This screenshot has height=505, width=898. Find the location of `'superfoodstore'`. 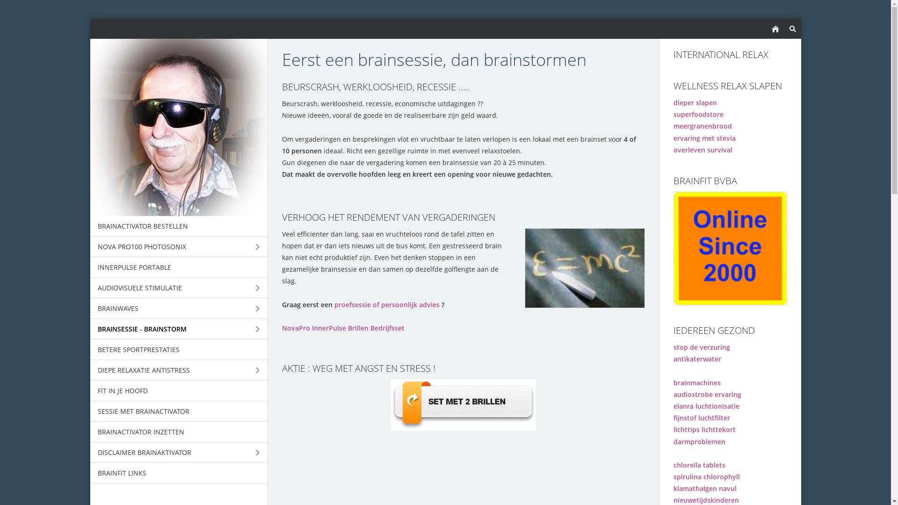

'superfoodstore' is located at coordinates (698, 114).